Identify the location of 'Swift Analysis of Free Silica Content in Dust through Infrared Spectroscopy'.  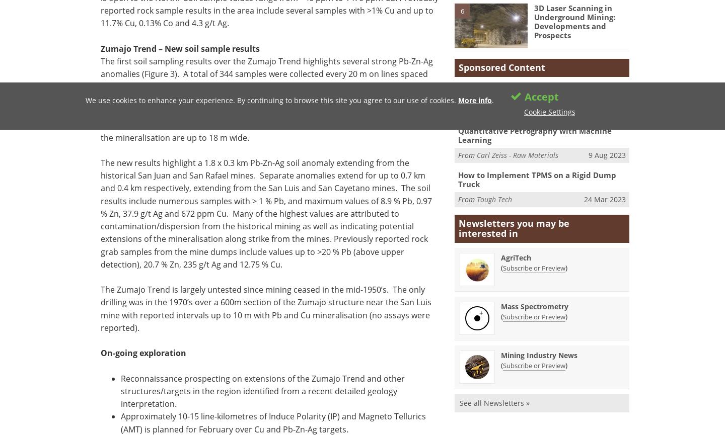
(540, 91).